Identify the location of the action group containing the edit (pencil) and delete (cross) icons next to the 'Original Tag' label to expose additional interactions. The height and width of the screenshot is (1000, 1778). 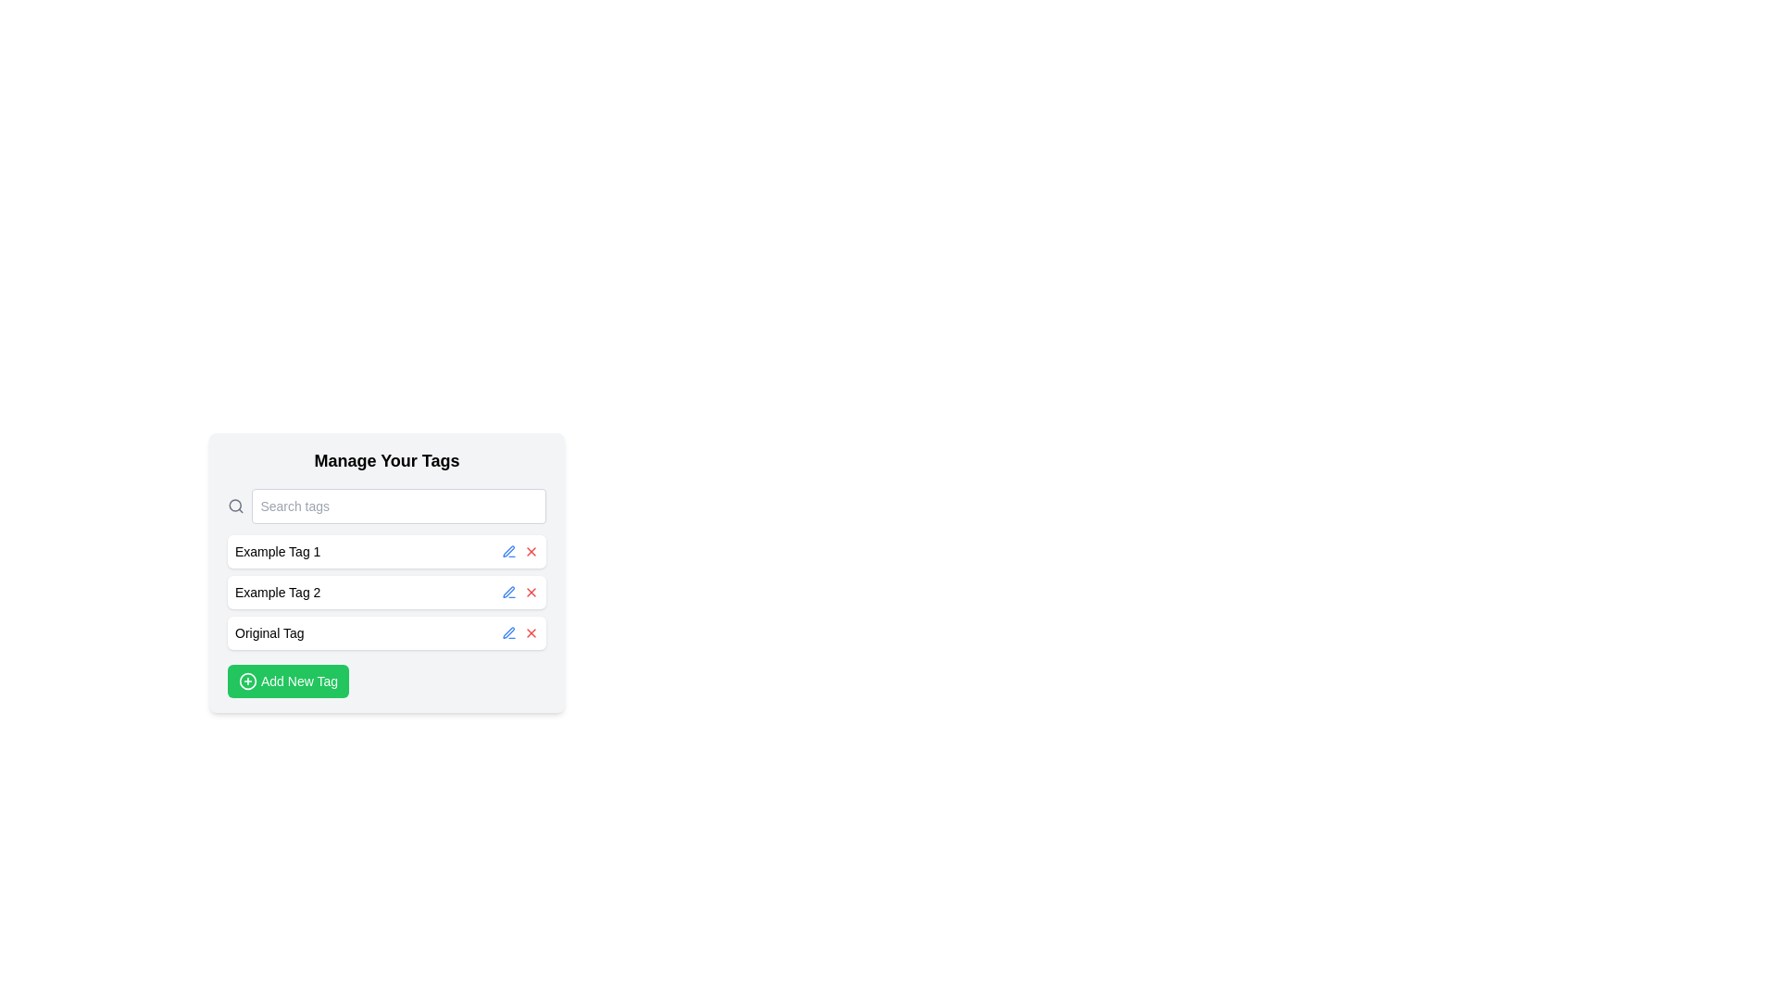
(519, 631).